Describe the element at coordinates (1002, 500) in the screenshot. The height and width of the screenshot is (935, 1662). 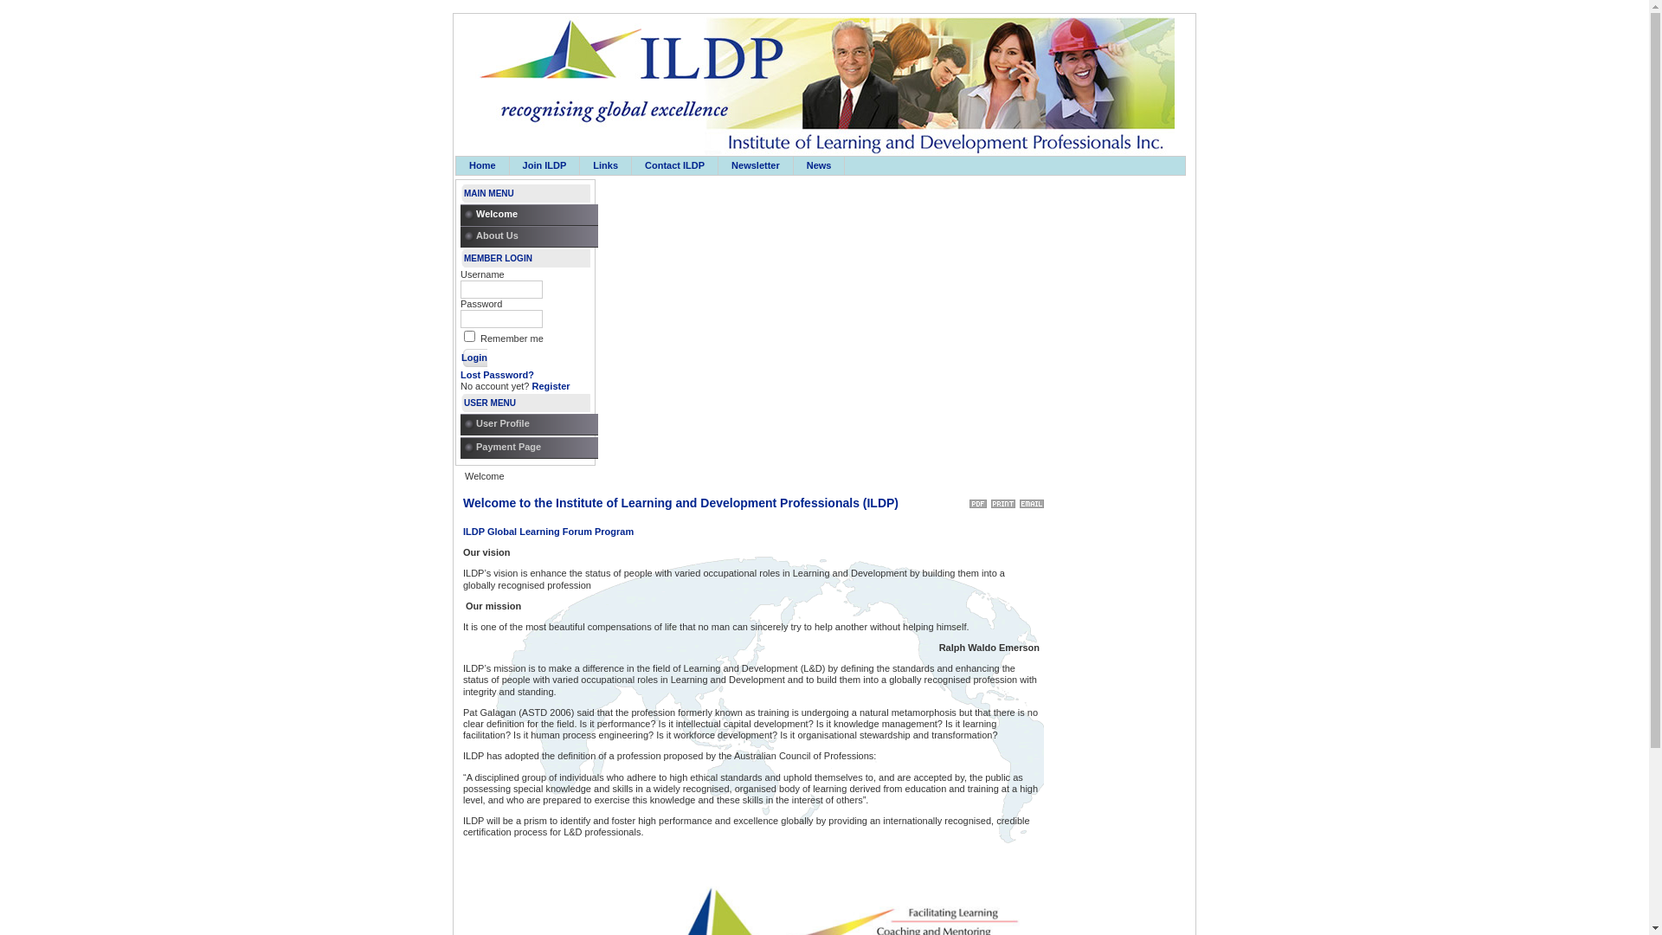
I see `'Print'` at that location.